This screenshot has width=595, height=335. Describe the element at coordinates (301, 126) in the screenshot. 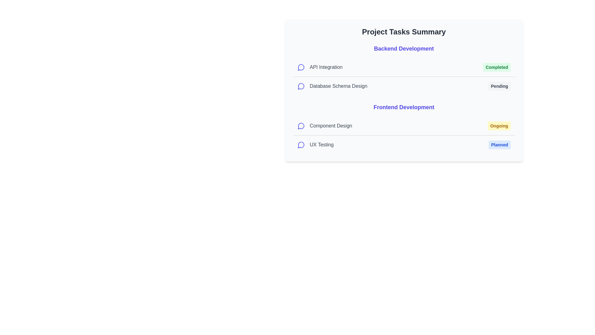

I see `the speech bubble icon styled in text-indigo-500 blue color located to the left of the 'Component Design' text in the 'Frontend Development' section of the 'Project Tasks Summary' interface to associate it with the listed task` at that location.